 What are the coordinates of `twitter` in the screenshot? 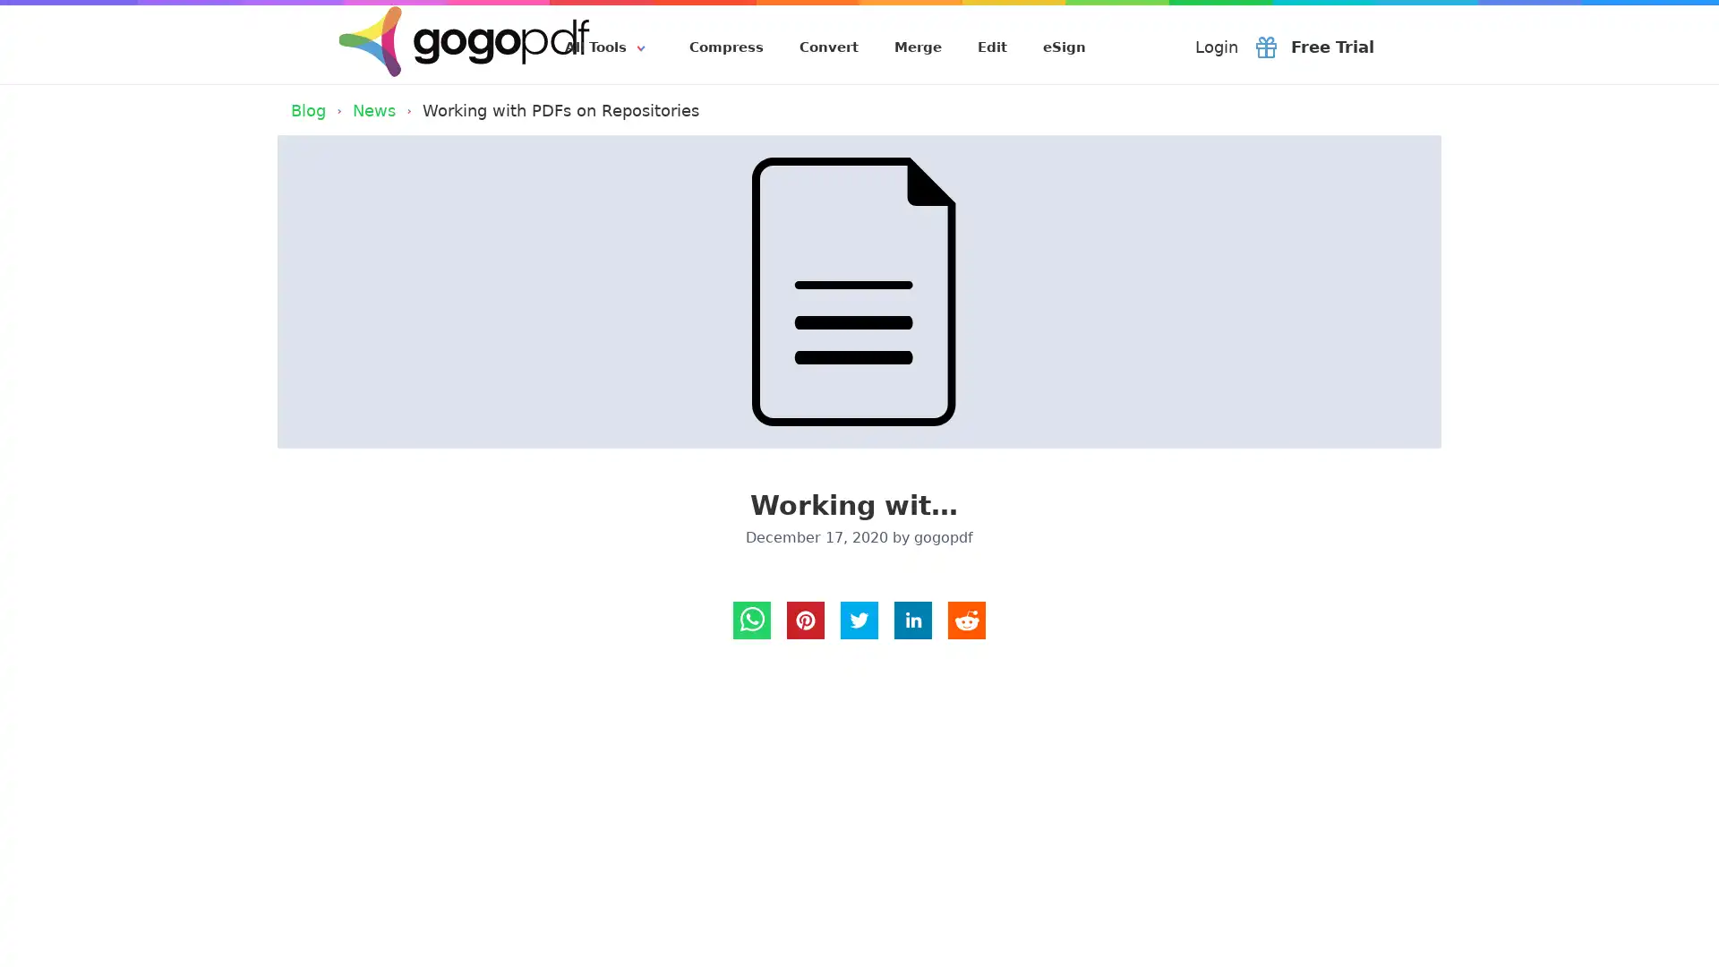 It's located at (859, 620).